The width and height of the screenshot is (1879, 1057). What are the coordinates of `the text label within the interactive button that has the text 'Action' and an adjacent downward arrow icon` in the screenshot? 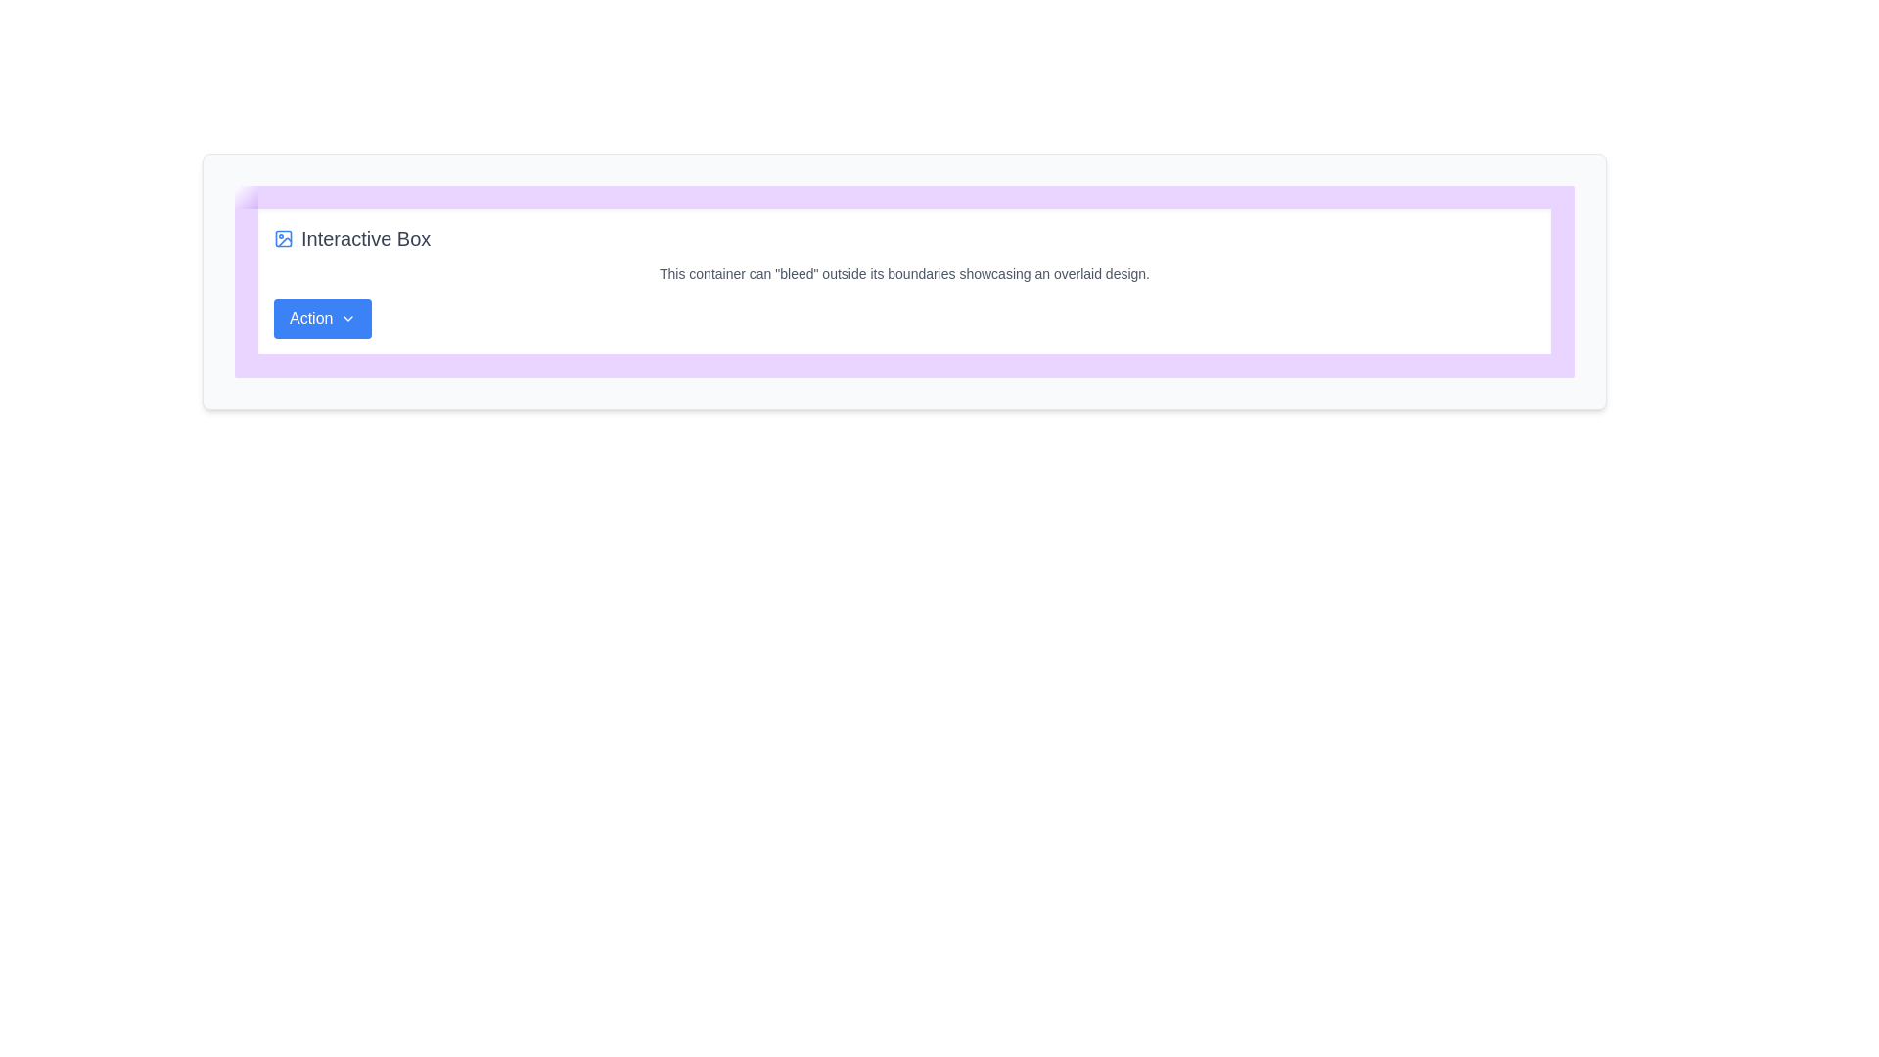 It's located at (310, 318).